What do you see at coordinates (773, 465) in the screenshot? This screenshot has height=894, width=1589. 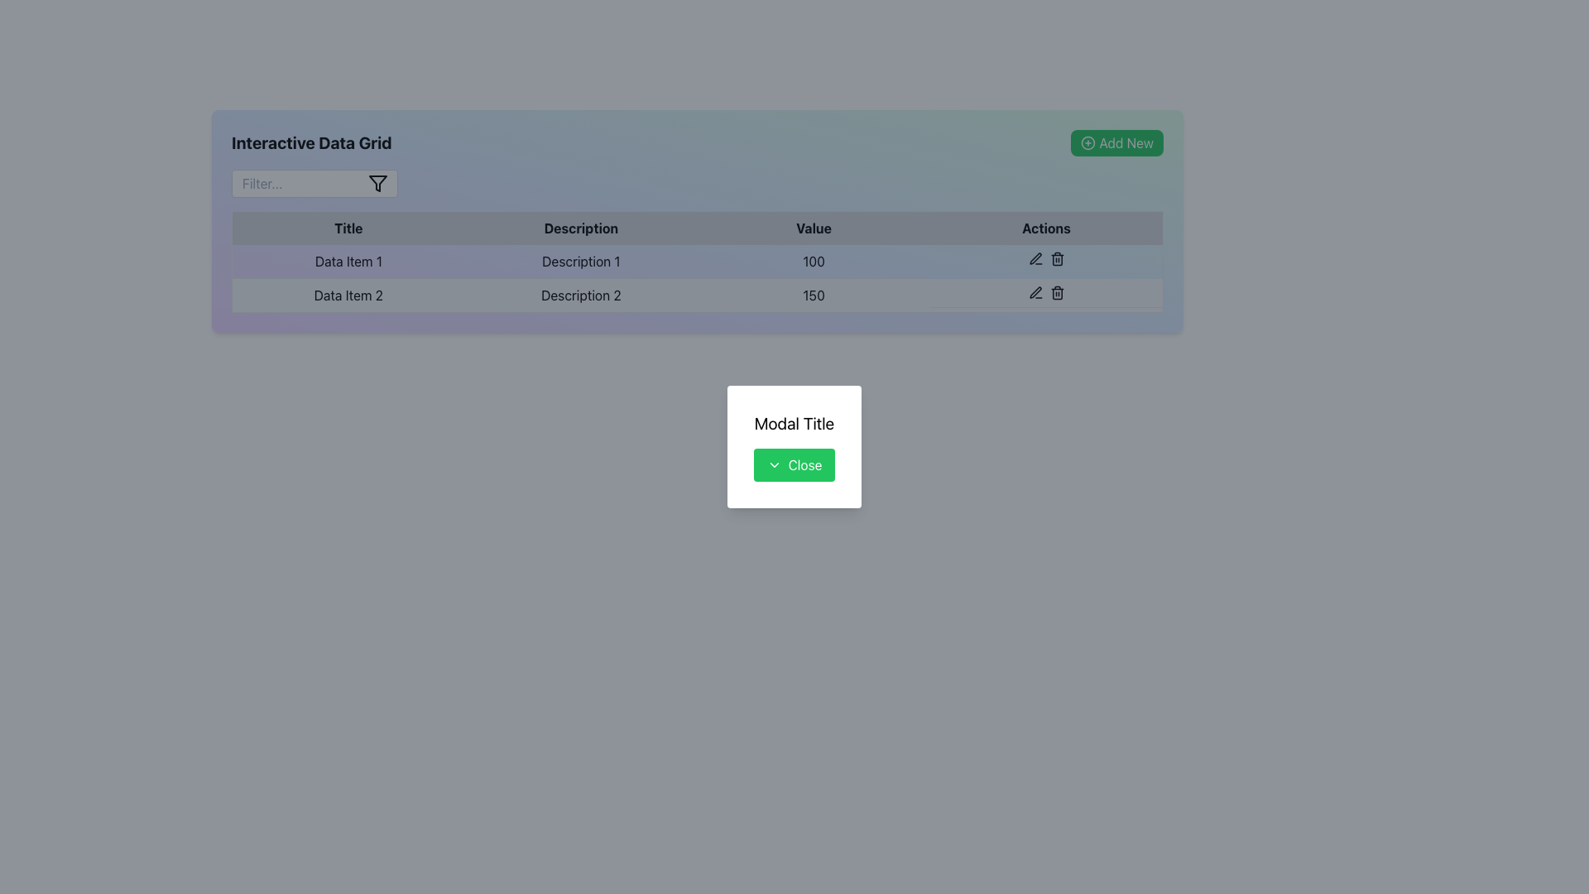 I see `the close icon located near the left side of the green 'Close' button, which is positioned below the modal title 'Modal Title'` at bounding box center [773, 465].